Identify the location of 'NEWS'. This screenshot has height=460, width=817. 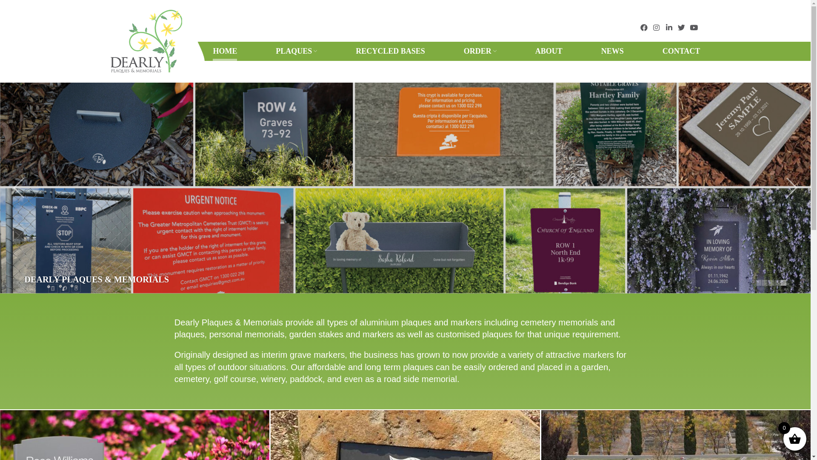
(612, 51).